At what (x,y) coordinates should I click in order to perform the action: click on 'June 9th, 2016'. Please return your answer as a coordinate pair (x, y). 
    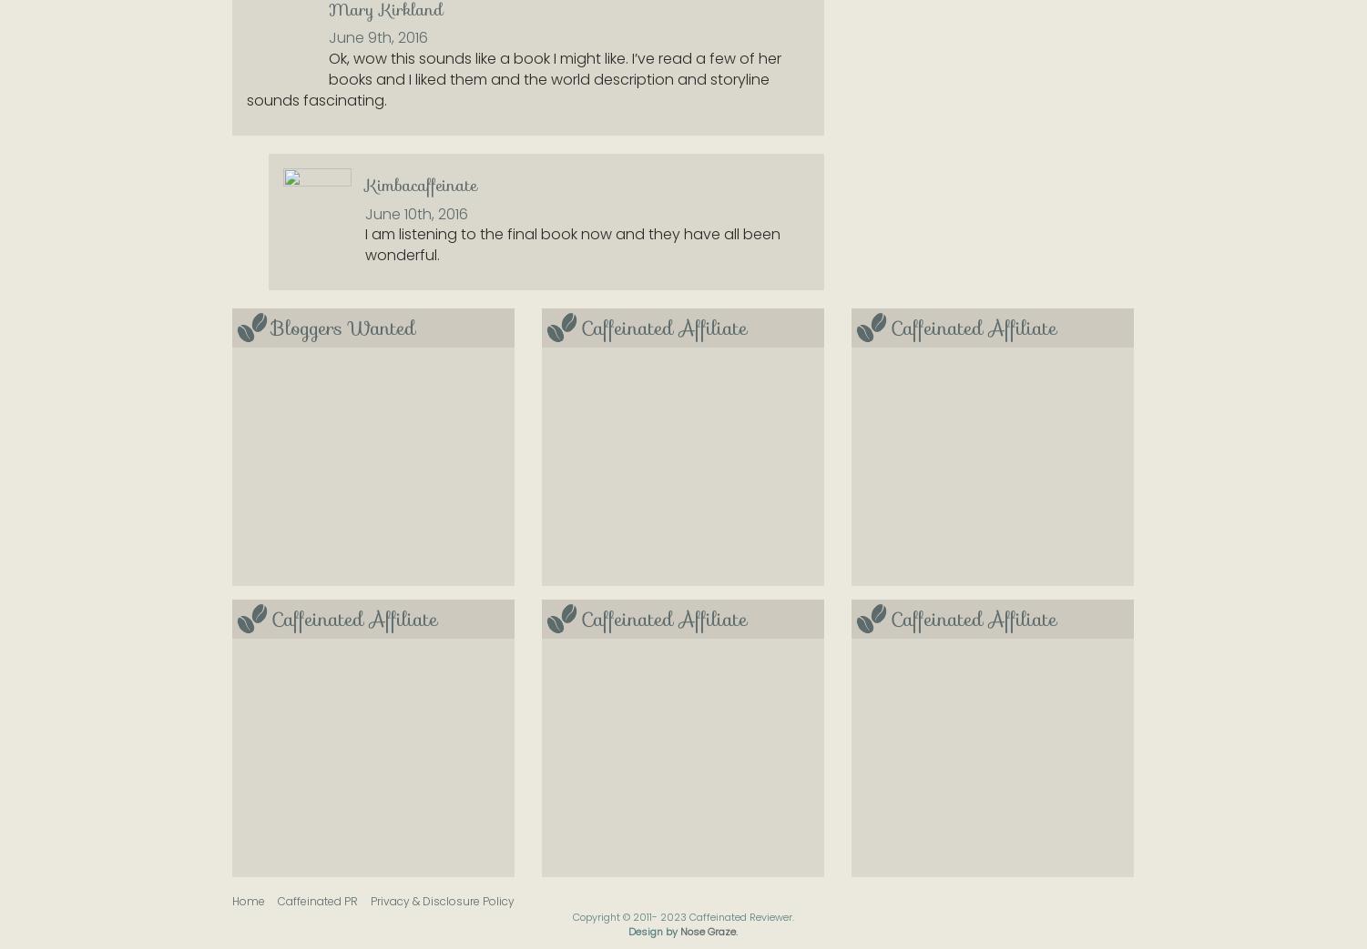
    Looking at the image, I should click on (378, 36).